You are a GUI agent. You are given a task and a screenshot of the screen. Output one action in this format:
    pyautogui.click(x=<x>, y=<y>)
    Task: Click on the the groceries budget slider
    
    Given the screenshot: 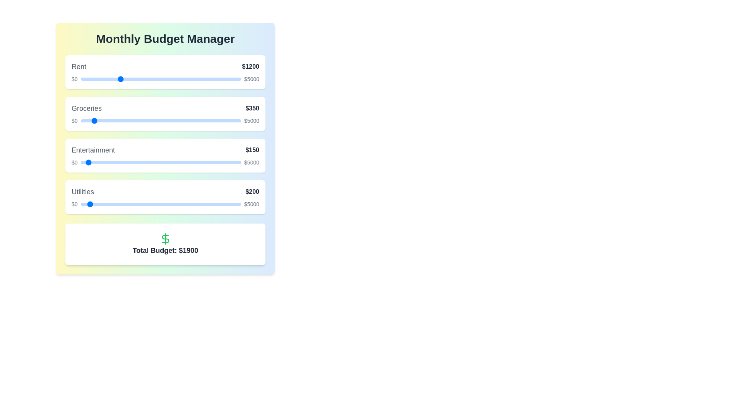 What is the action you would take?
    pyautogui.click(x=224, y=120)
    